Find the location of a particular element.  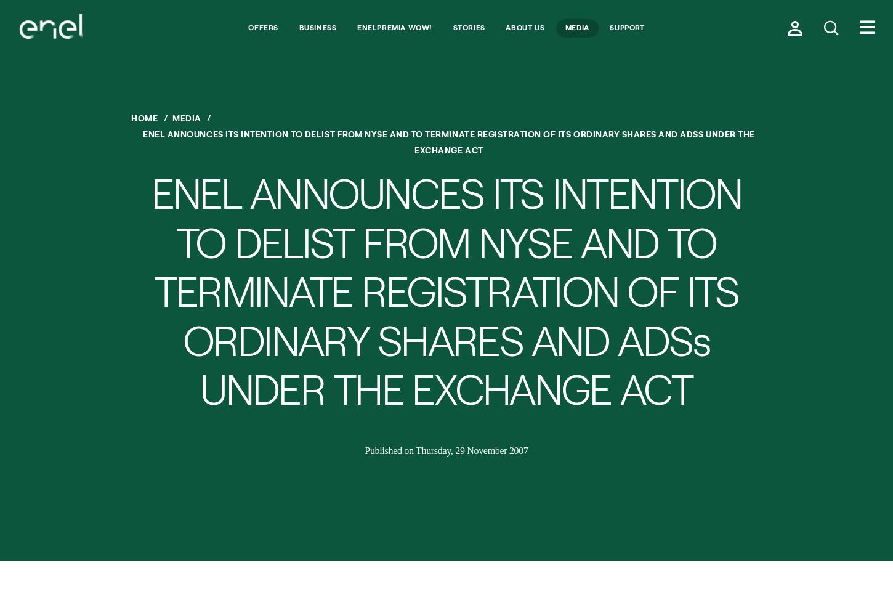

'Enelpremia Wow!' is located at coordinates (394, 26).